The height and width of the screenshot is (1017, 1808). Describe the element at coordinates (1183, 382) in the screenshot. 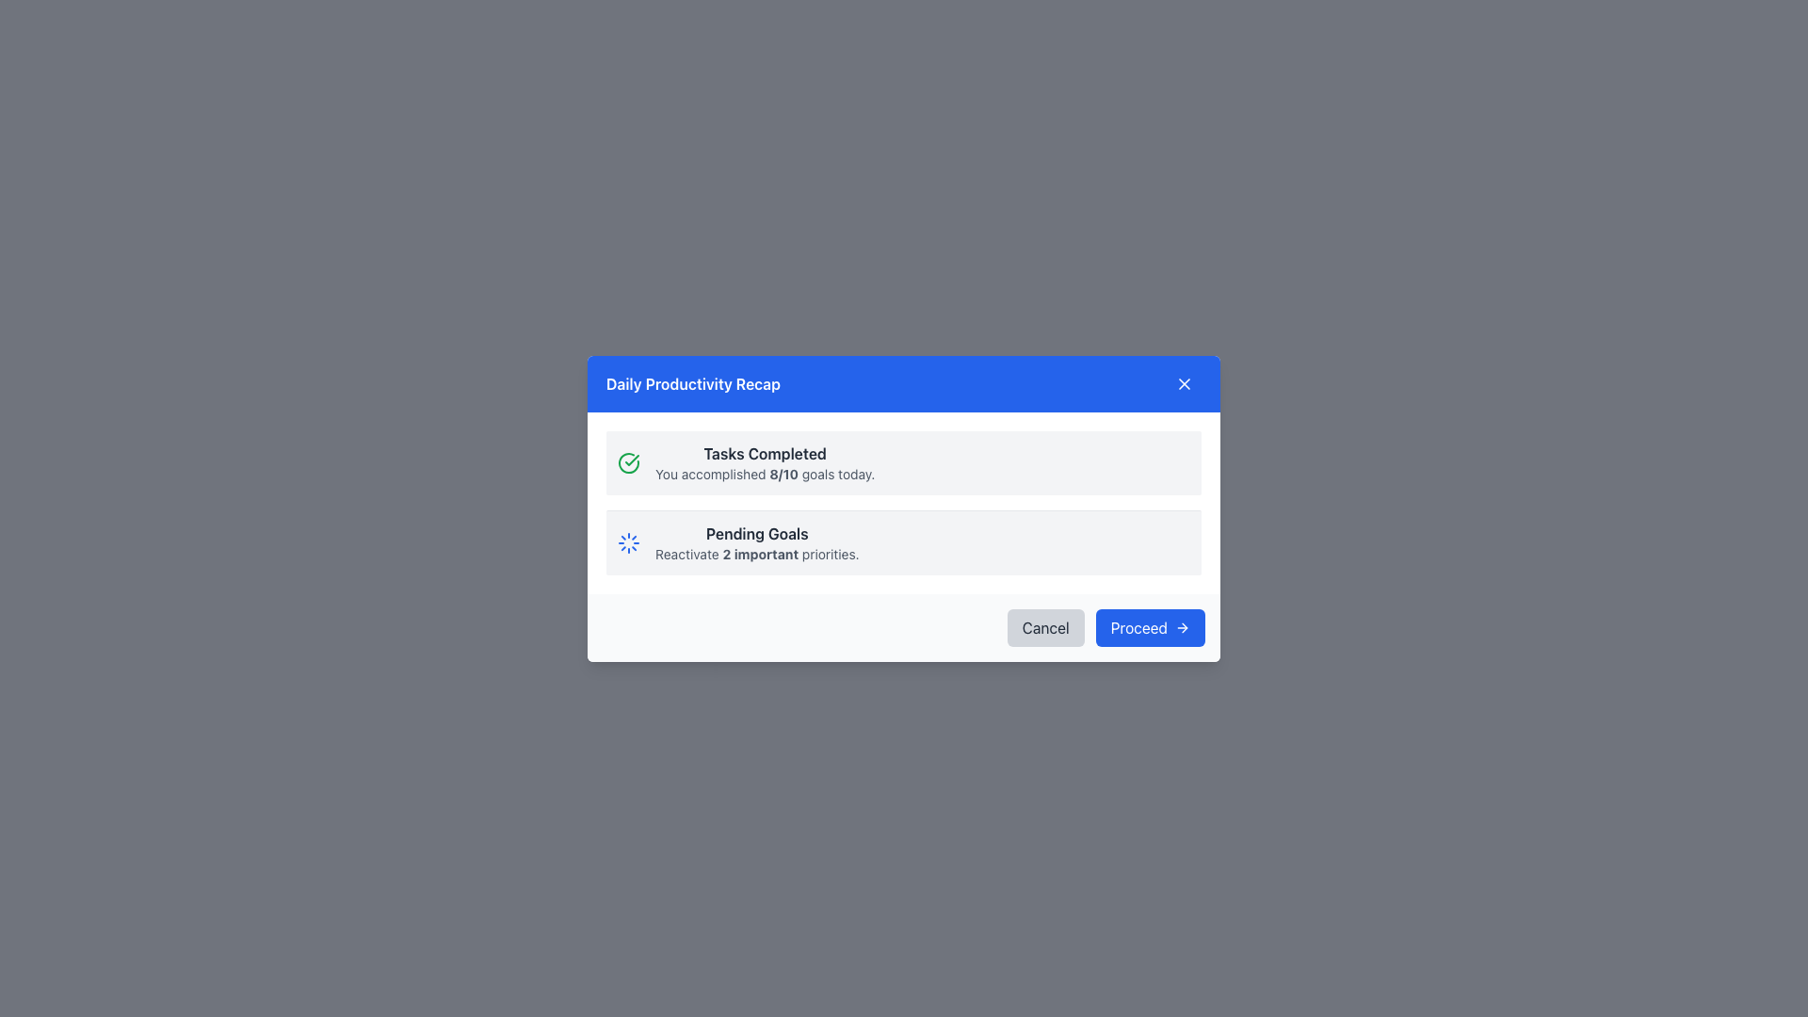

I see `the small white diagonal cross ('X') icon located in the top-right corner of the modal dialog box with a blue header` at that location.